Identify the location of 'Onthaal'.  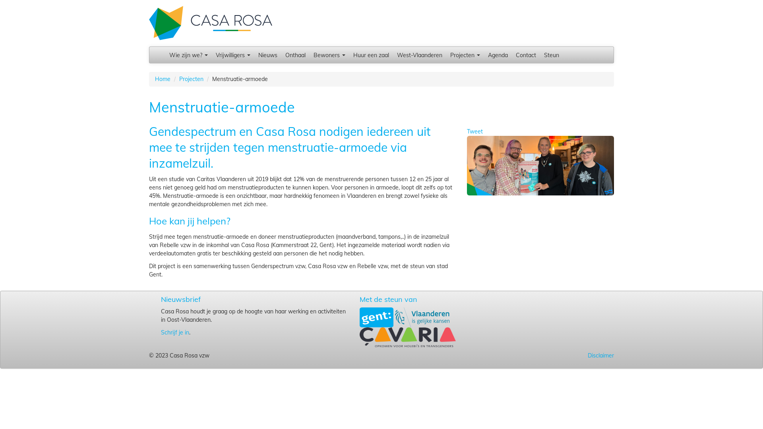
(281, 54).